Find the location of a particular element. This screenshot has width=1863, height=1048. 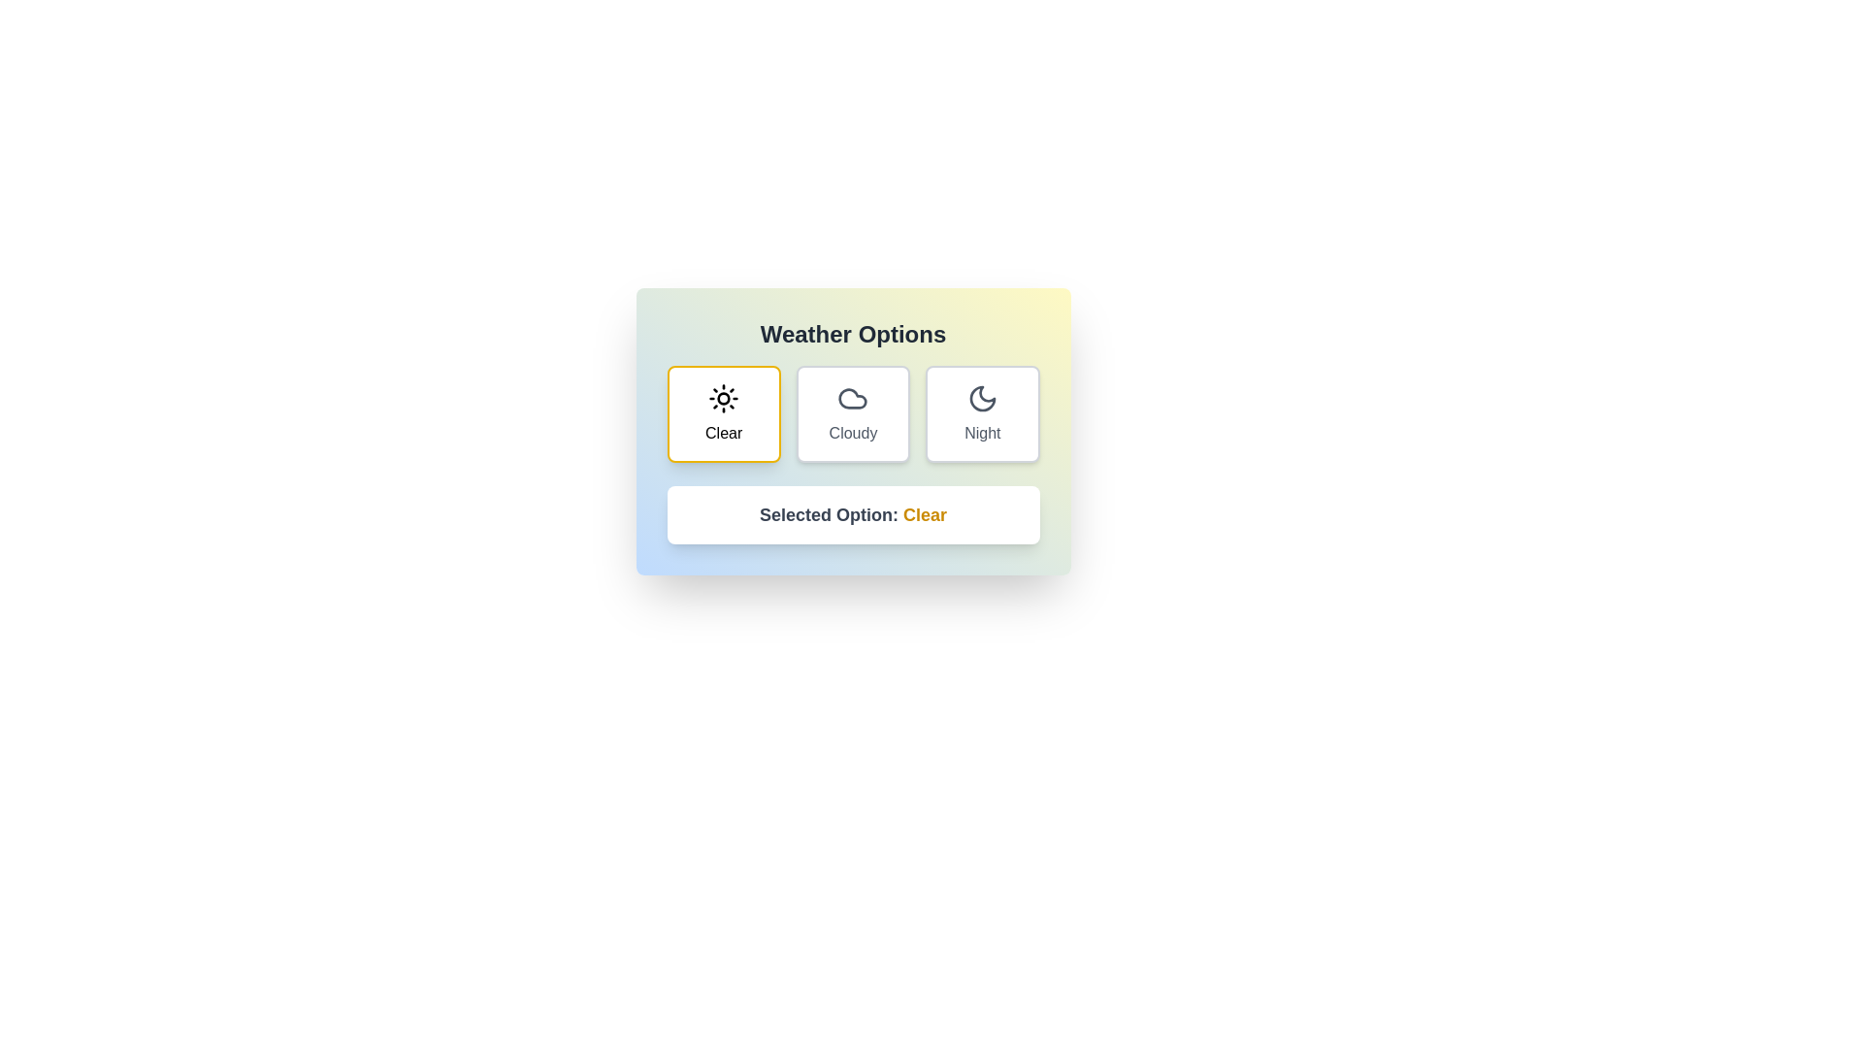

the cloud icon, which is a modern, minimalistic design located at the center of the 'Cloudy' option card in the weather options interface is located at coordinates (853, 398).